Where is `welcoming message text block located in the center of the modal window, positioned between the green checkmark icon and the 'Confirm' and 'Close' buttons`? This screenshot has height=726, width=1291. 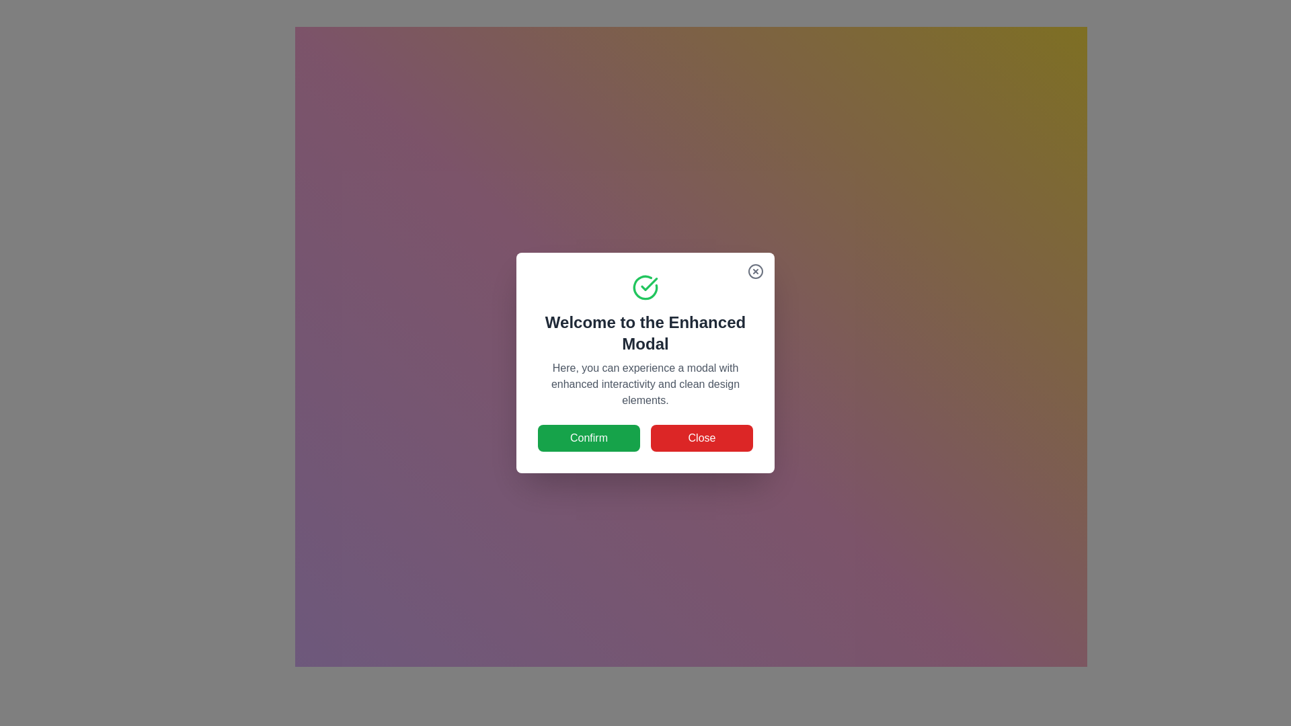 welcoming message text block located in the center of the modal window, positioned between the green checkmark icon and the 'Confirm' and 'Close' buttons is located at coordinates (645, 341).